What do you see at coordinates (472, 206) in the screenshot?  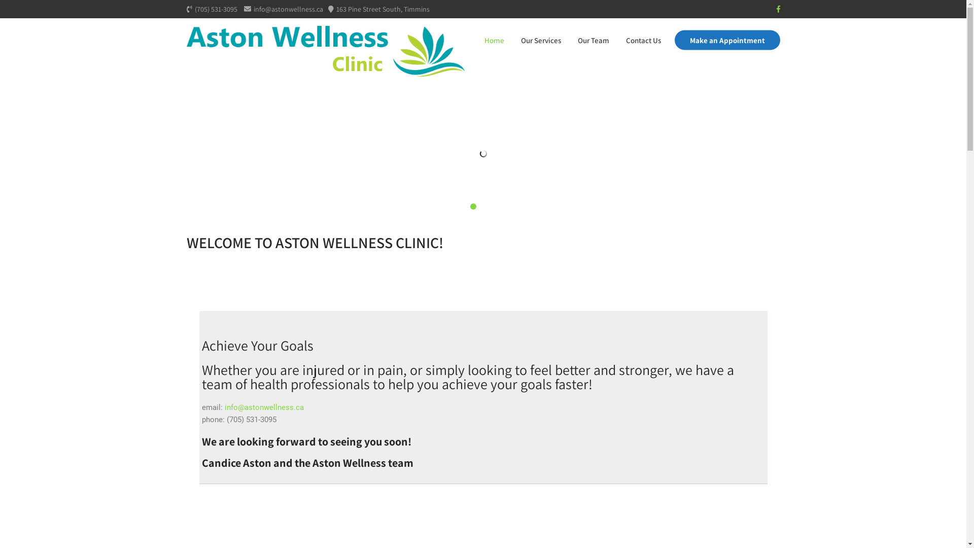 I see `'2'` at bounding box center [472, 206].